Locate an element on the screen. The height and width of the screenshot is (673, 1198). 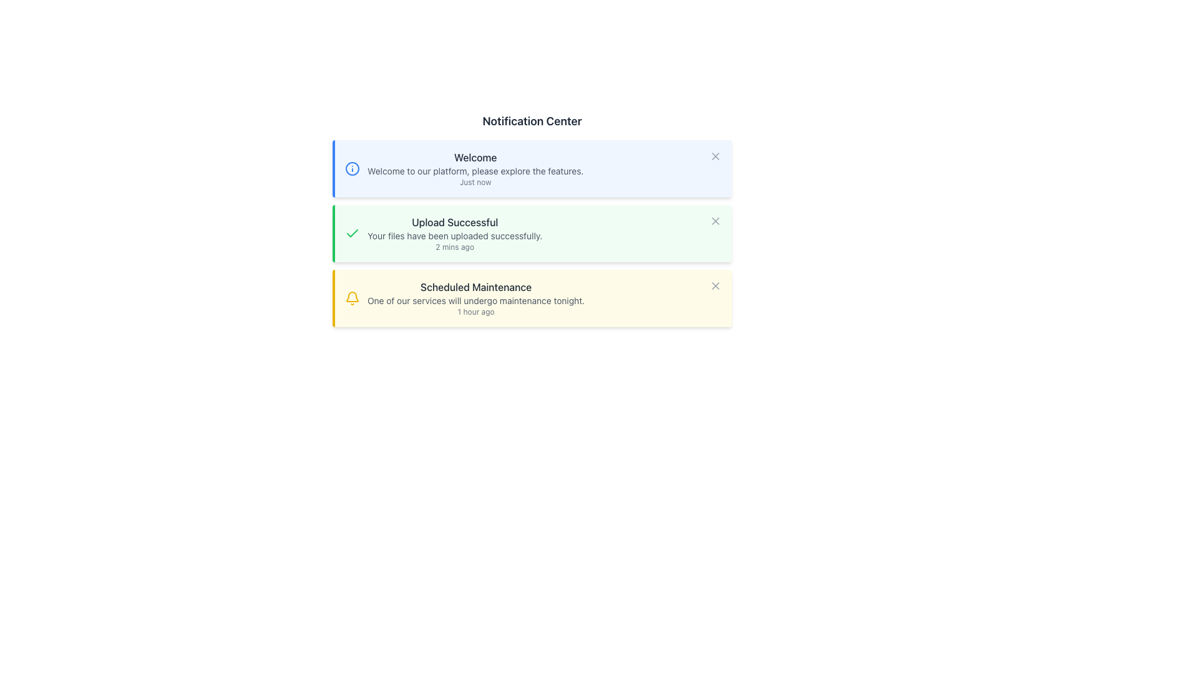
the informational notification icon (SVG Circle) located to the left of the card title 'Welcome' in the Notification Center interface is located at coordinates (352, 168).